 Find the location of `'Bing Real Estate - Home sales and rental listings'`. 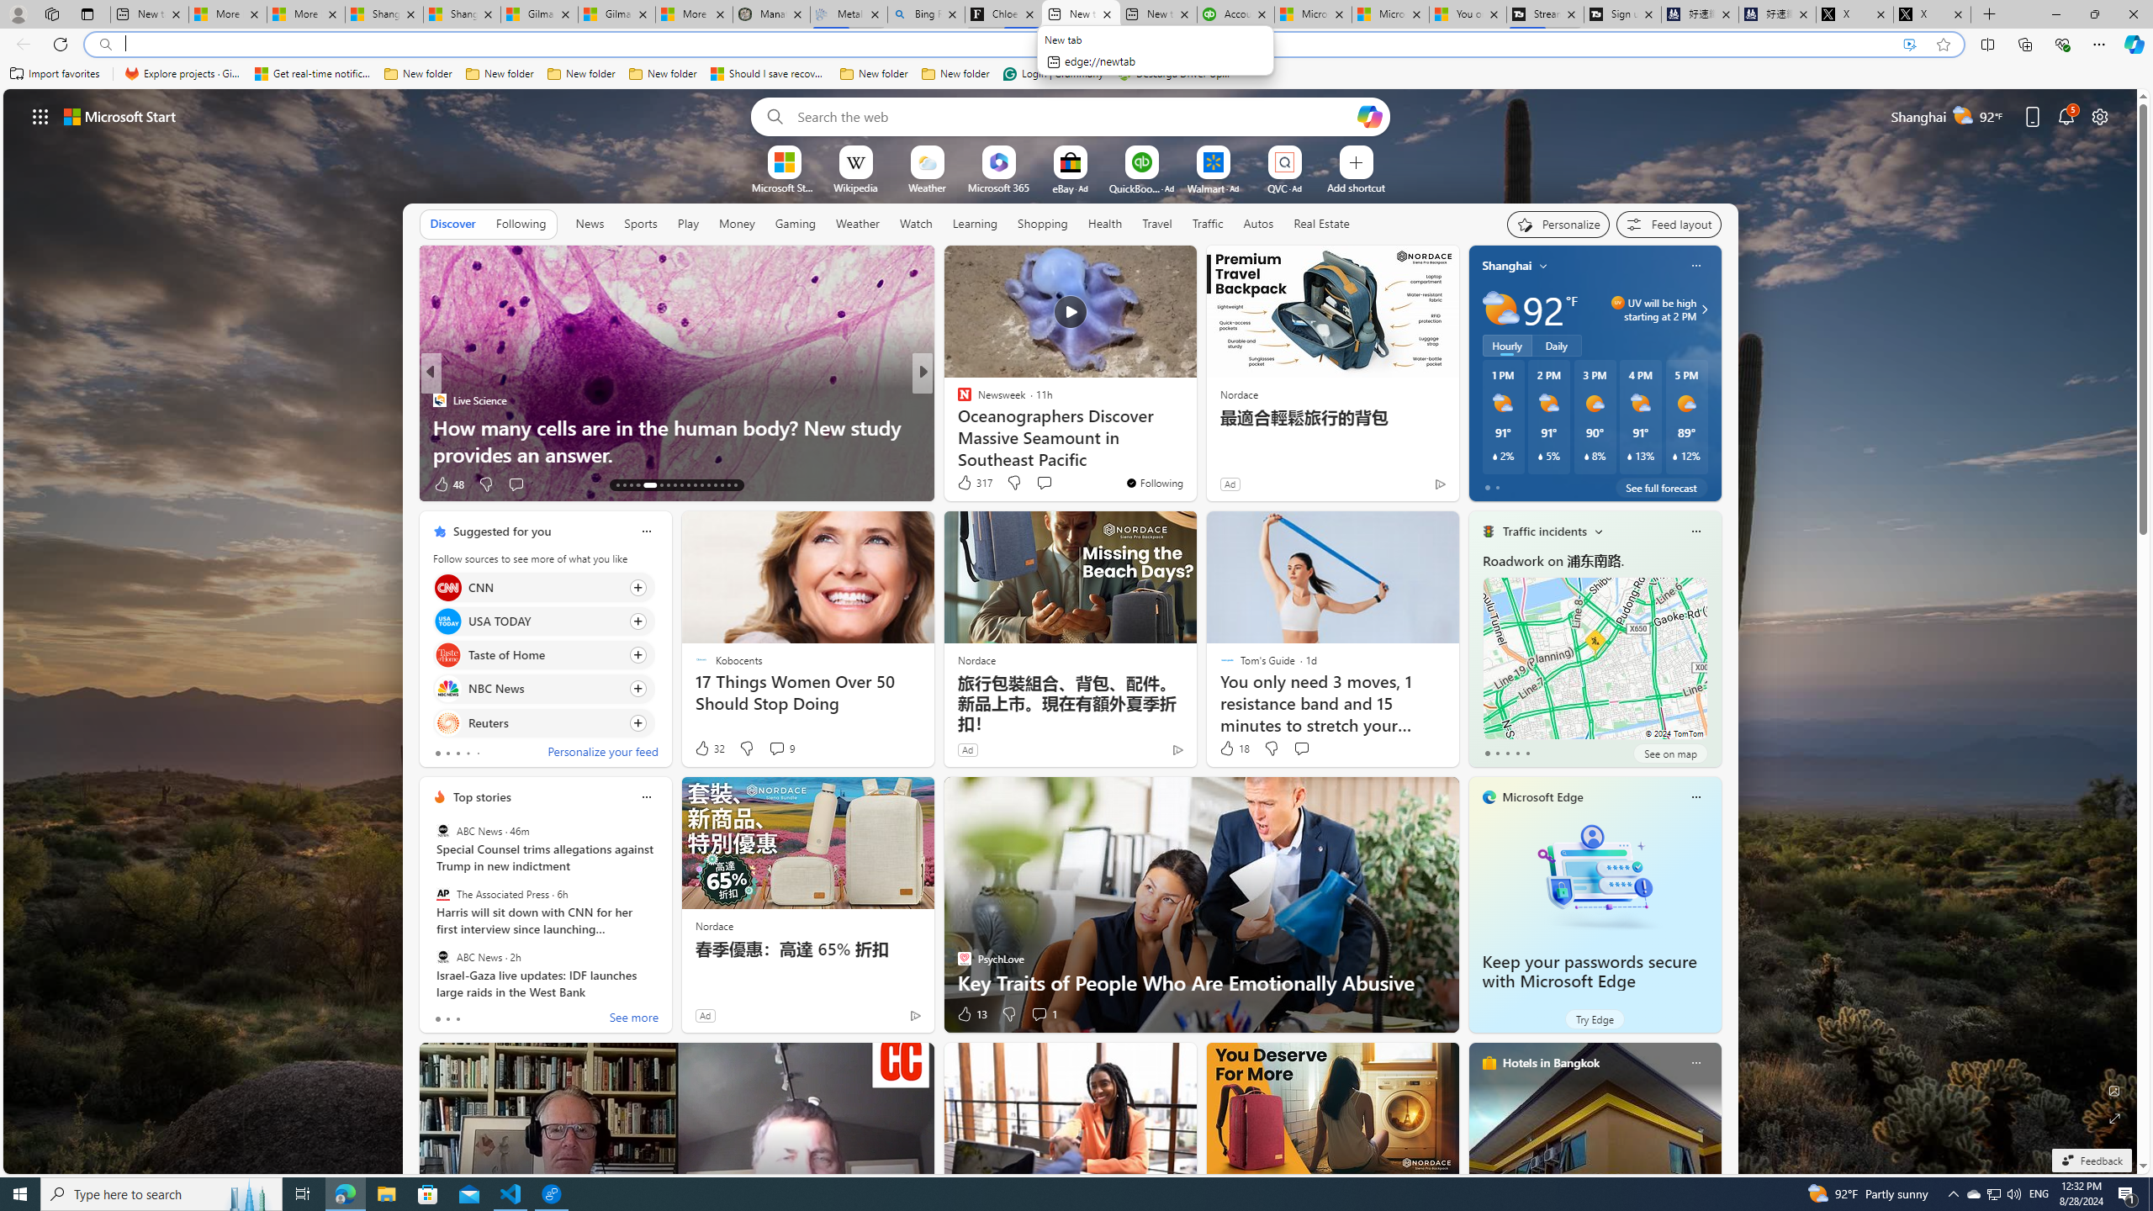

'Bing Real Estate - Home sales and rental listings' is located at coordinates (926, 13).